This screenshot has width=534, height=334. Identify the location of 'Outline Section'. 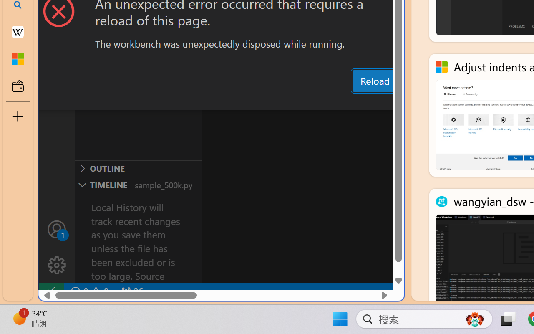
(138, 168).